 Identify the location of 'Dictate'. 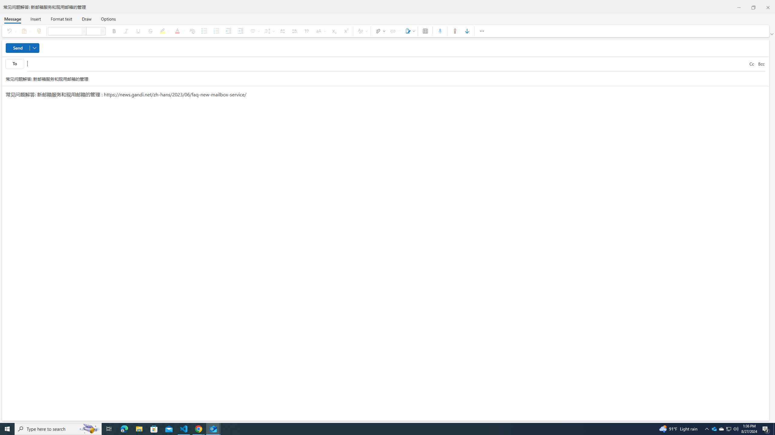
(440, 31).